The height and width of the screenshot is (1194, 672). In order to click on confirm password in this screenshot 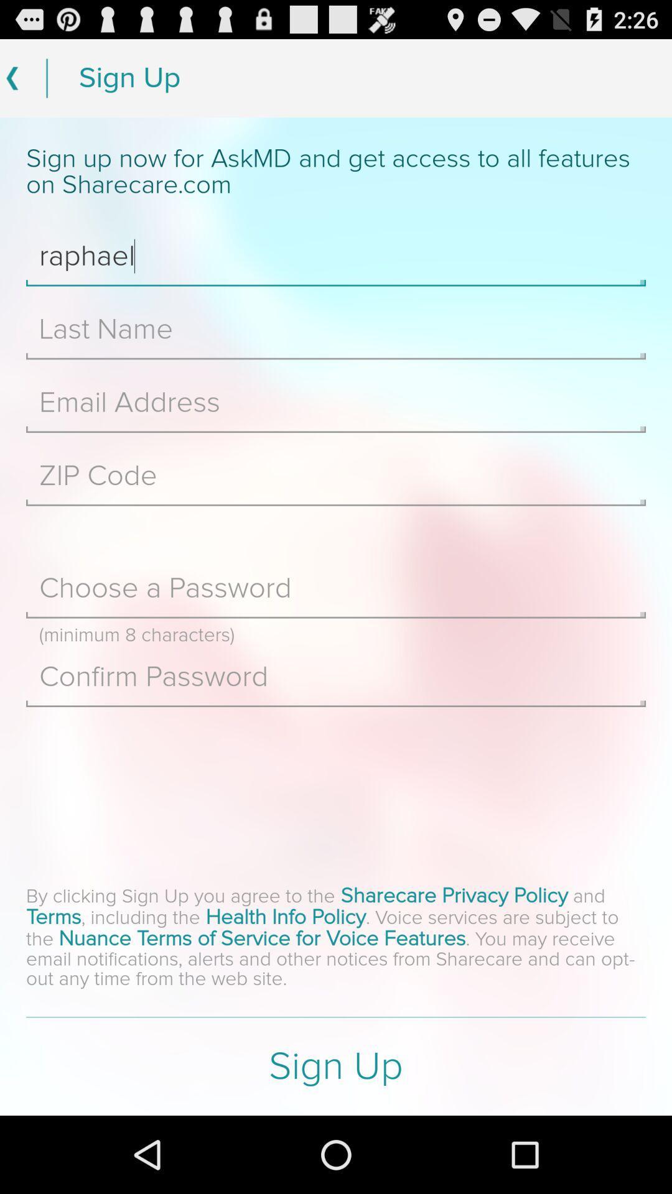, I will do `click(336, 676)`.